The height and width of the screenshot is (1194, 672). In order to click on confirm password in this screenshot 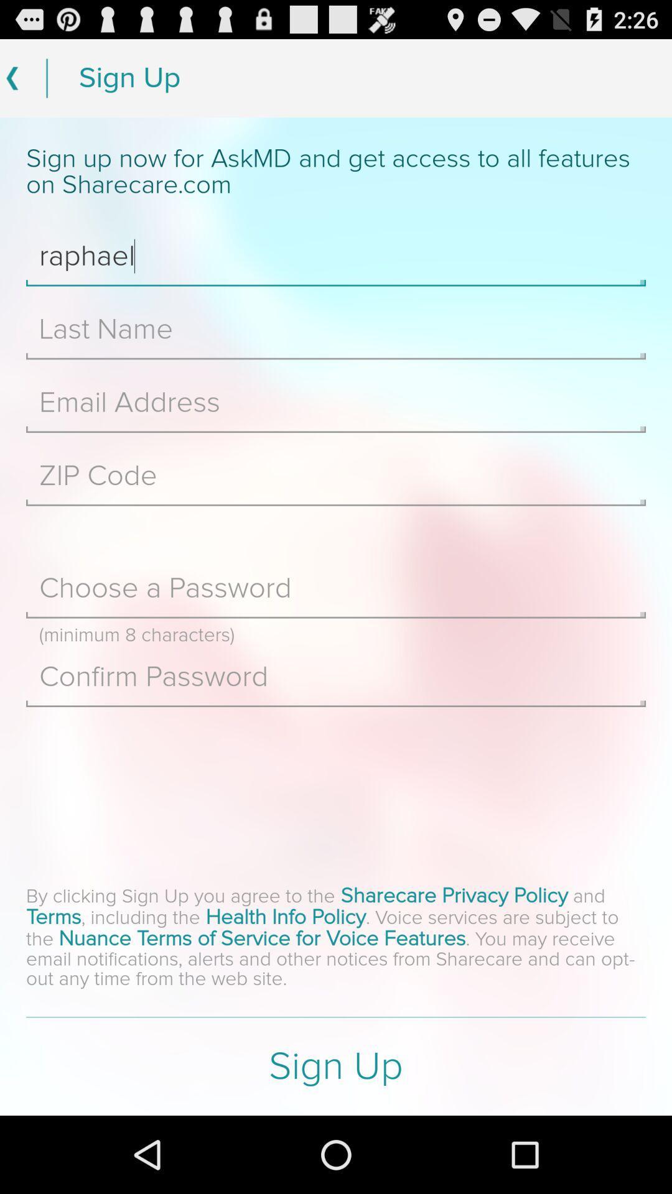, I will do `click(336, 676)`.